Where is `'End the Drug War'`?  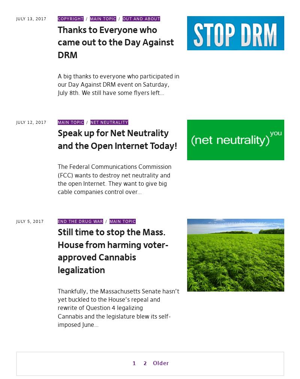
'End the Drug War' is located at coordinates (80, 221).